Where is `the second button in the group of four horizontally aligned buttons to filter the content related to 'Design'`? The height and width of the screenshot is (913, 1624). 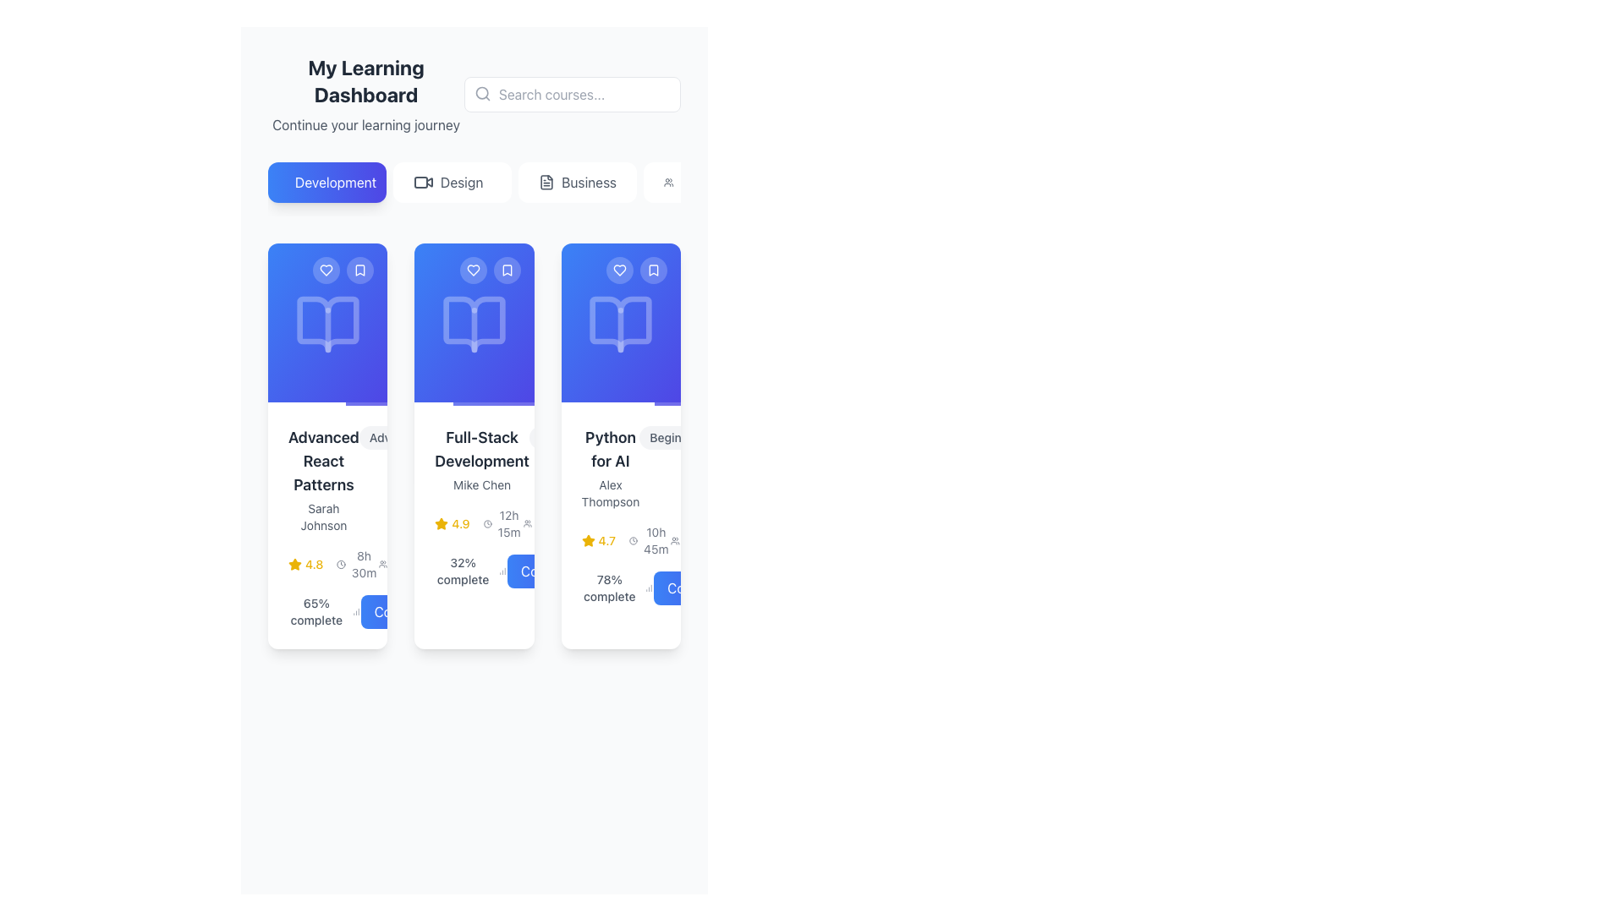
the second button in the group of four horizontally aligned buttons to filter the content related to 'Design' is located at coordinates (474, 189).